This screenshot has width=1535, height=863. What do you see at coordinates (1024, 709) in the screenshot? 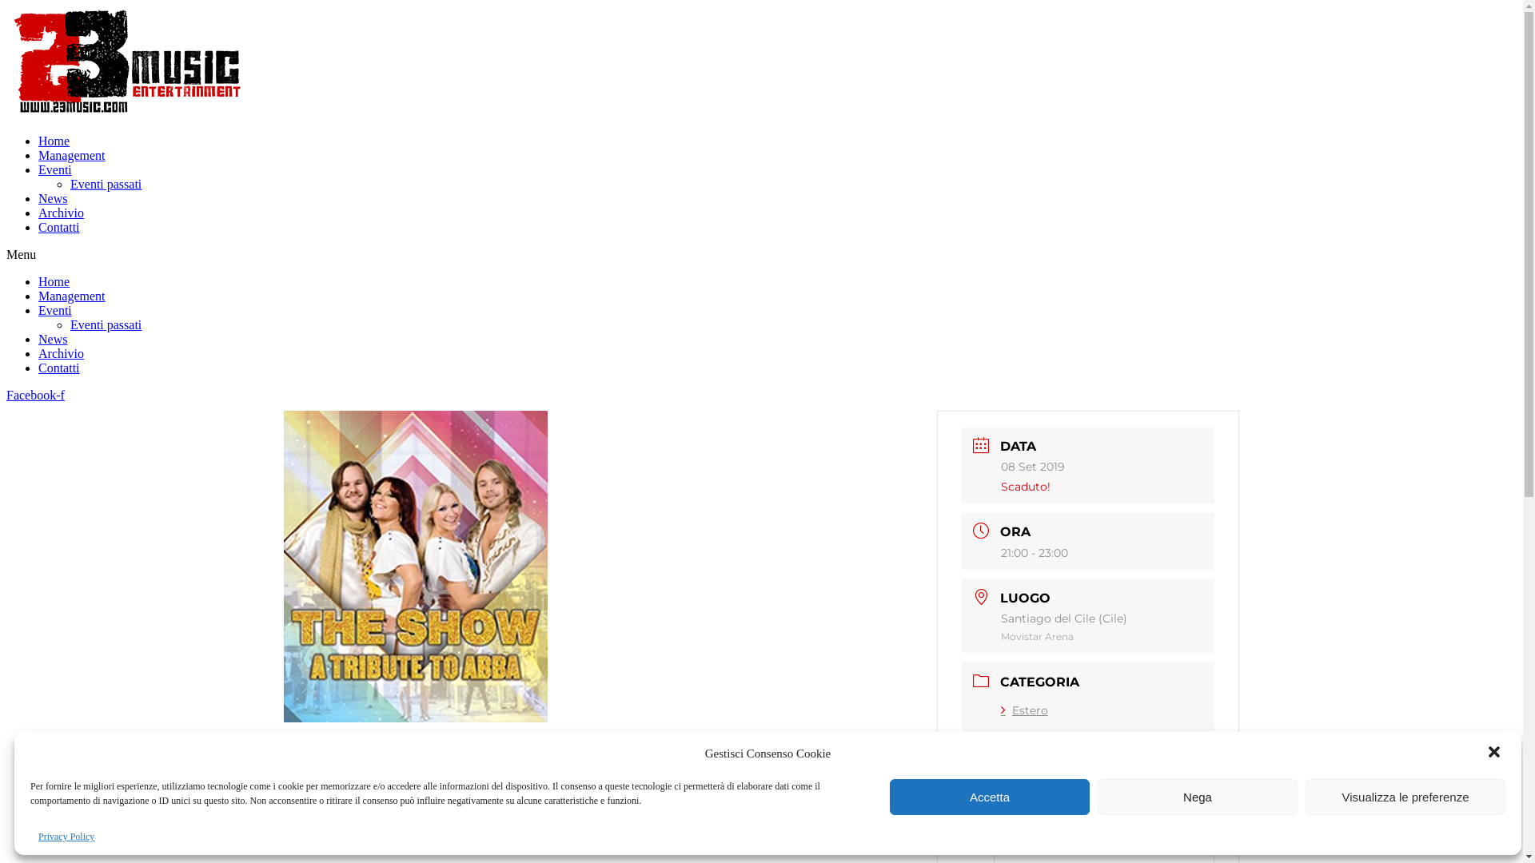
I see `'Estero'` at bounding box center [1024, 709].